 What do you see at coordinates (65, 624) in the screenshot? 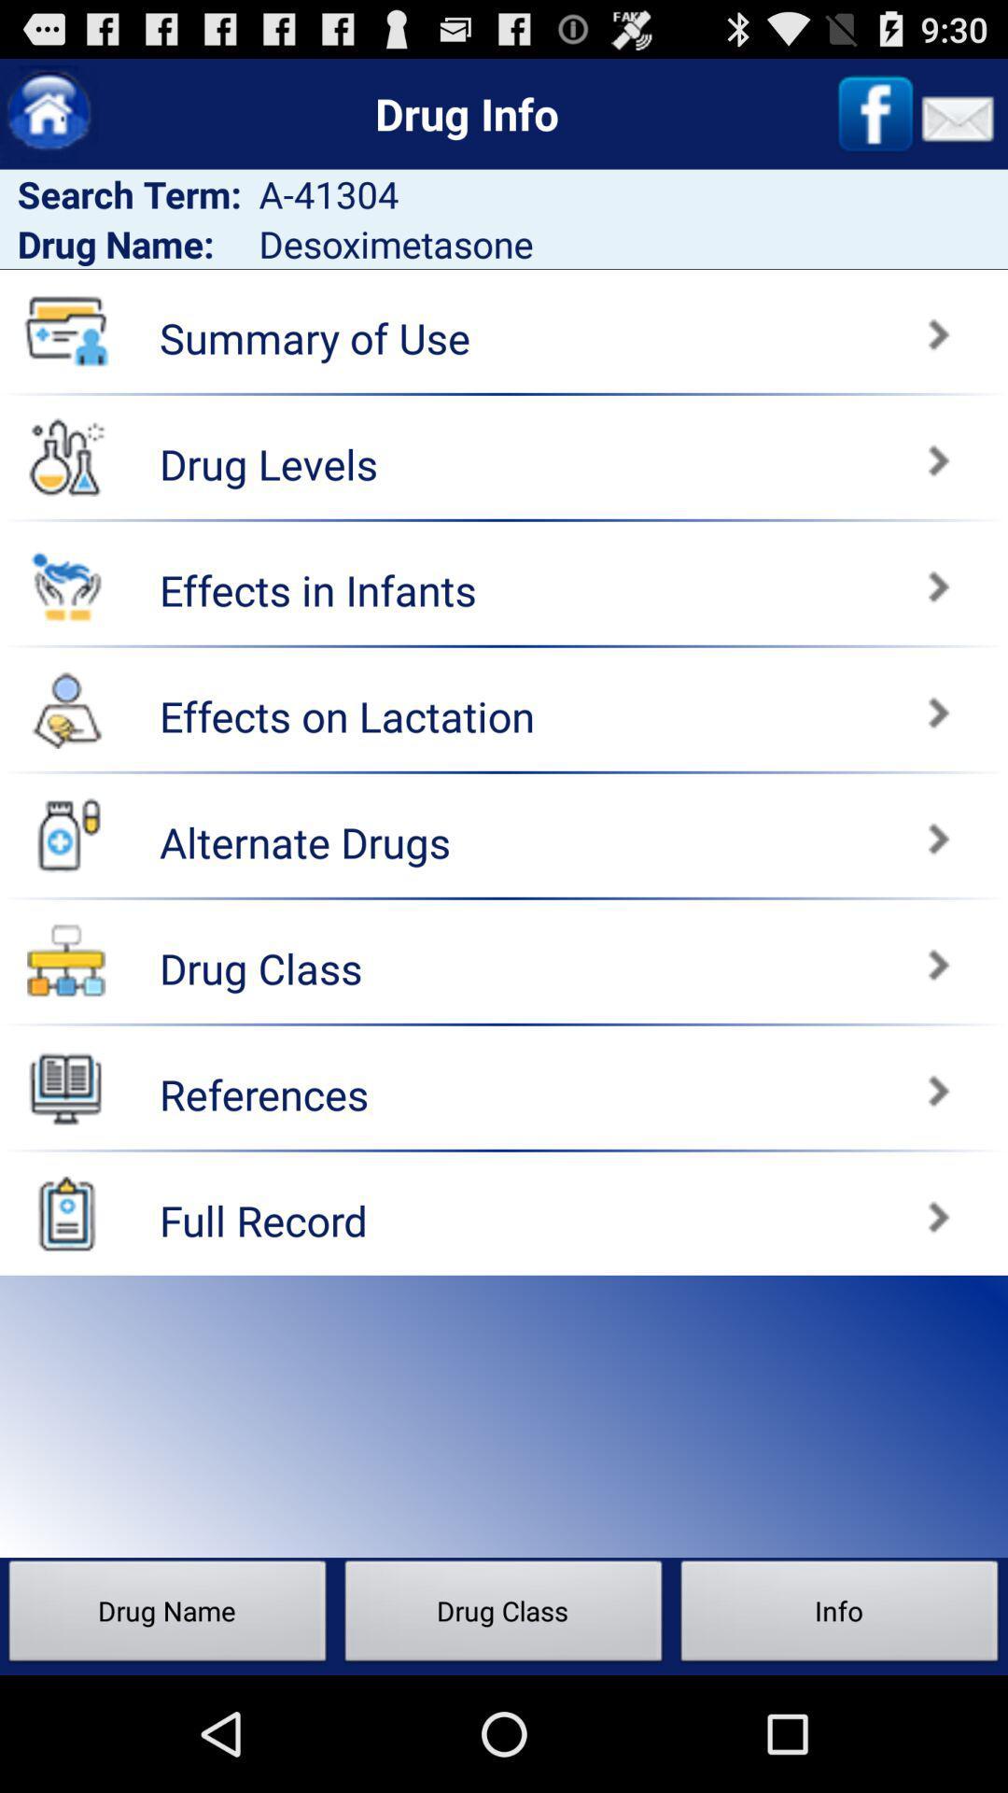
I see `the emoji icon` at bounding box center [65, 624].